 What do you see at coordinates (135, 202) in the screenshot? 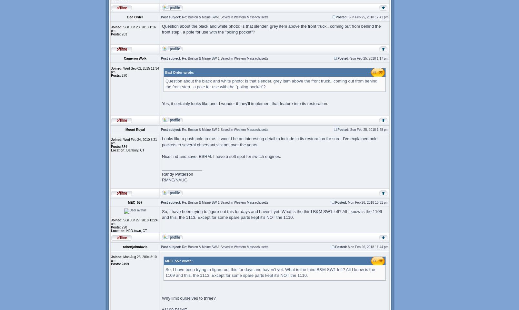
I see `'MEC_557'` at bounding box center [135, 202].